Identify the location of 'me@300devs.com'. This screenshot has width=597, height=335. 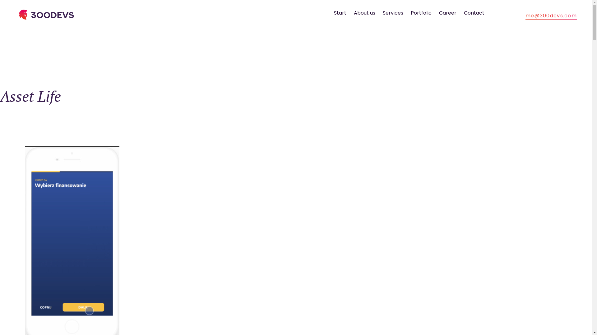
(525, 15).